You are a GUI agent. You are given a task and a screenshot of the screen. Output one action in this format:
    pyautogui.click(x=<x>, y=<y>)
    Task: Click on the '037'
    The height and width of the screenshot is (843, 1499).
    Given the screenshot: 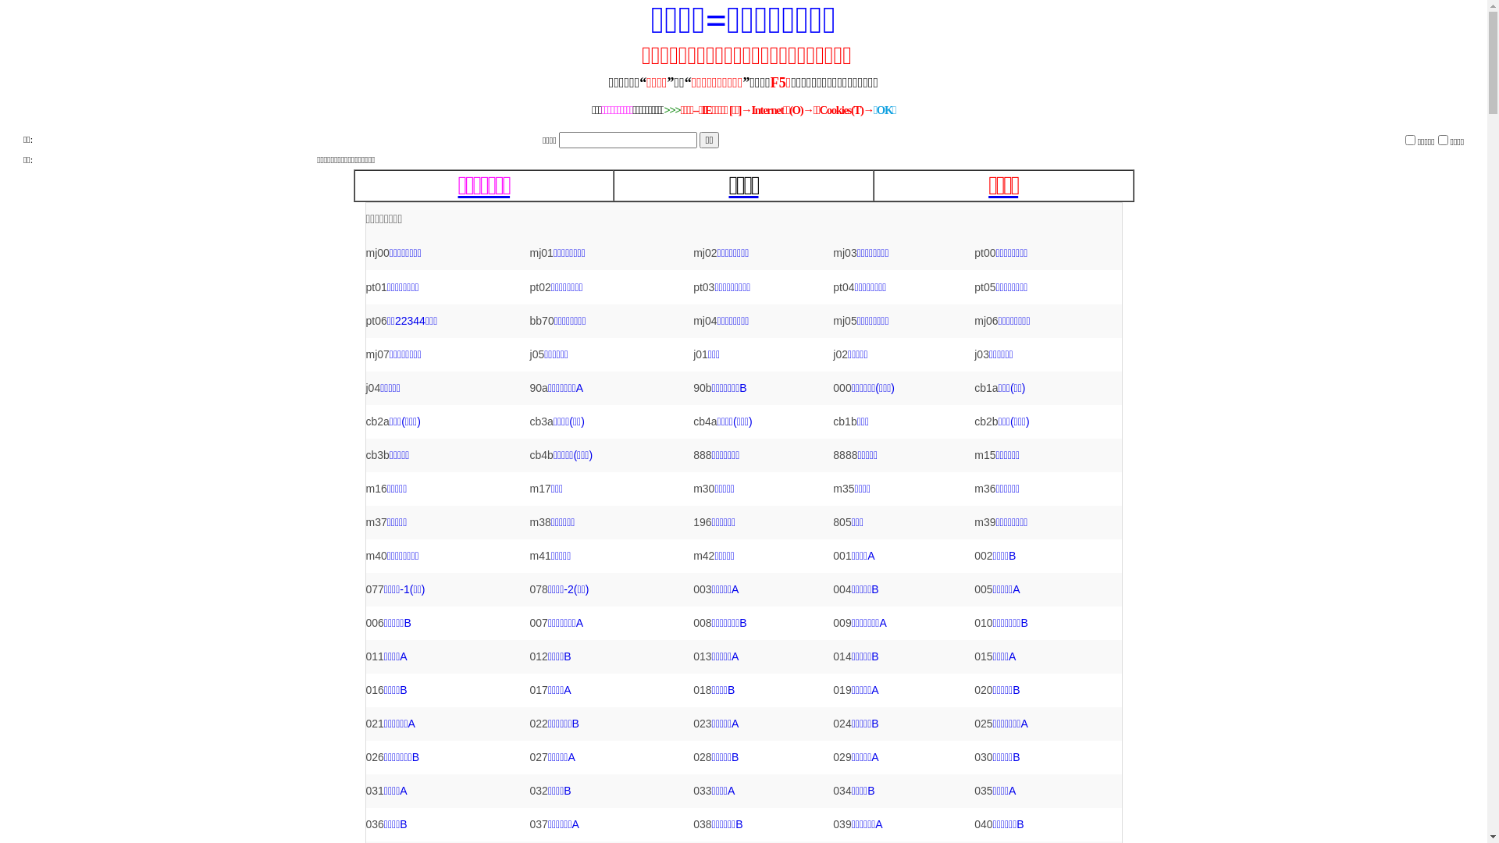 What is the action you would take?
    pyautogui.click(x=539, y=823)
    